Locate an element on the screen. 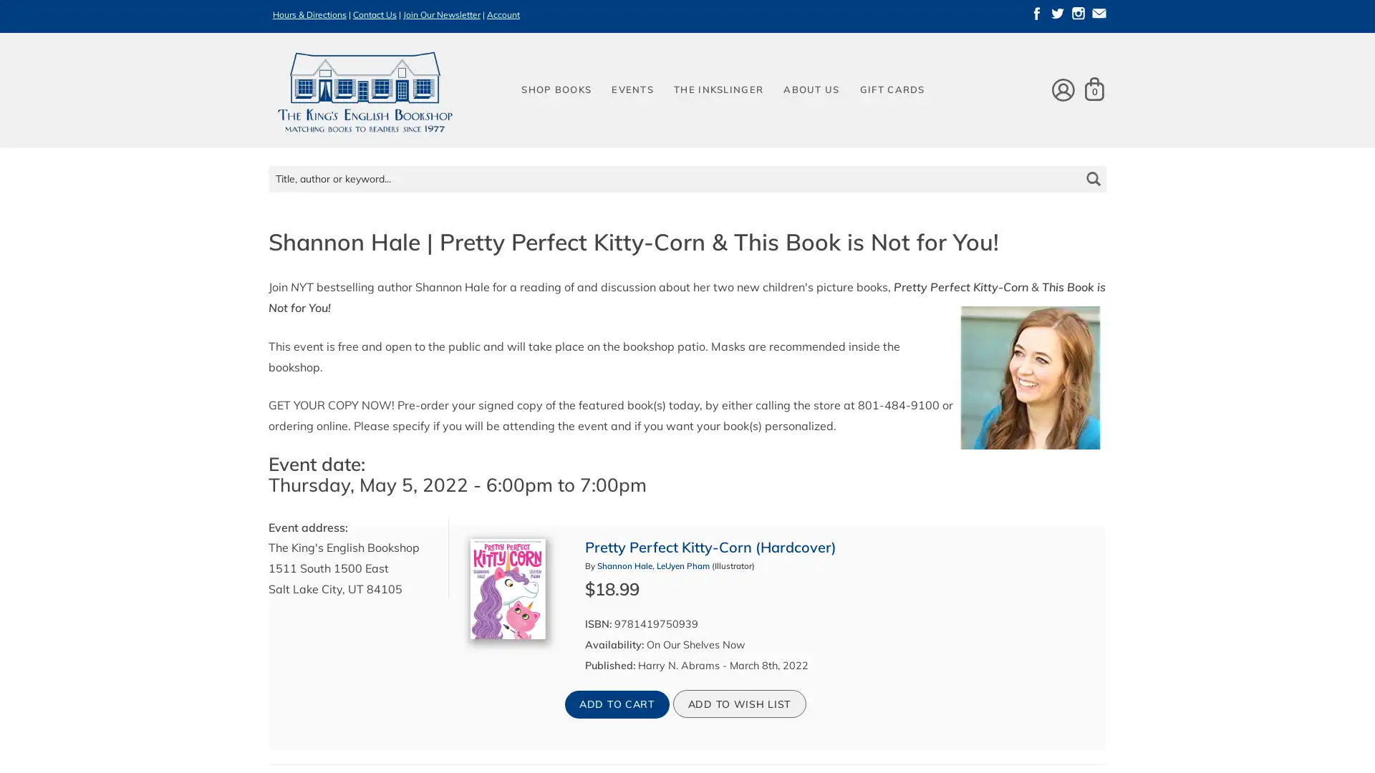 This screenshot has height=773, width=1375. Add to Cart is located at coordinates (617, 703).